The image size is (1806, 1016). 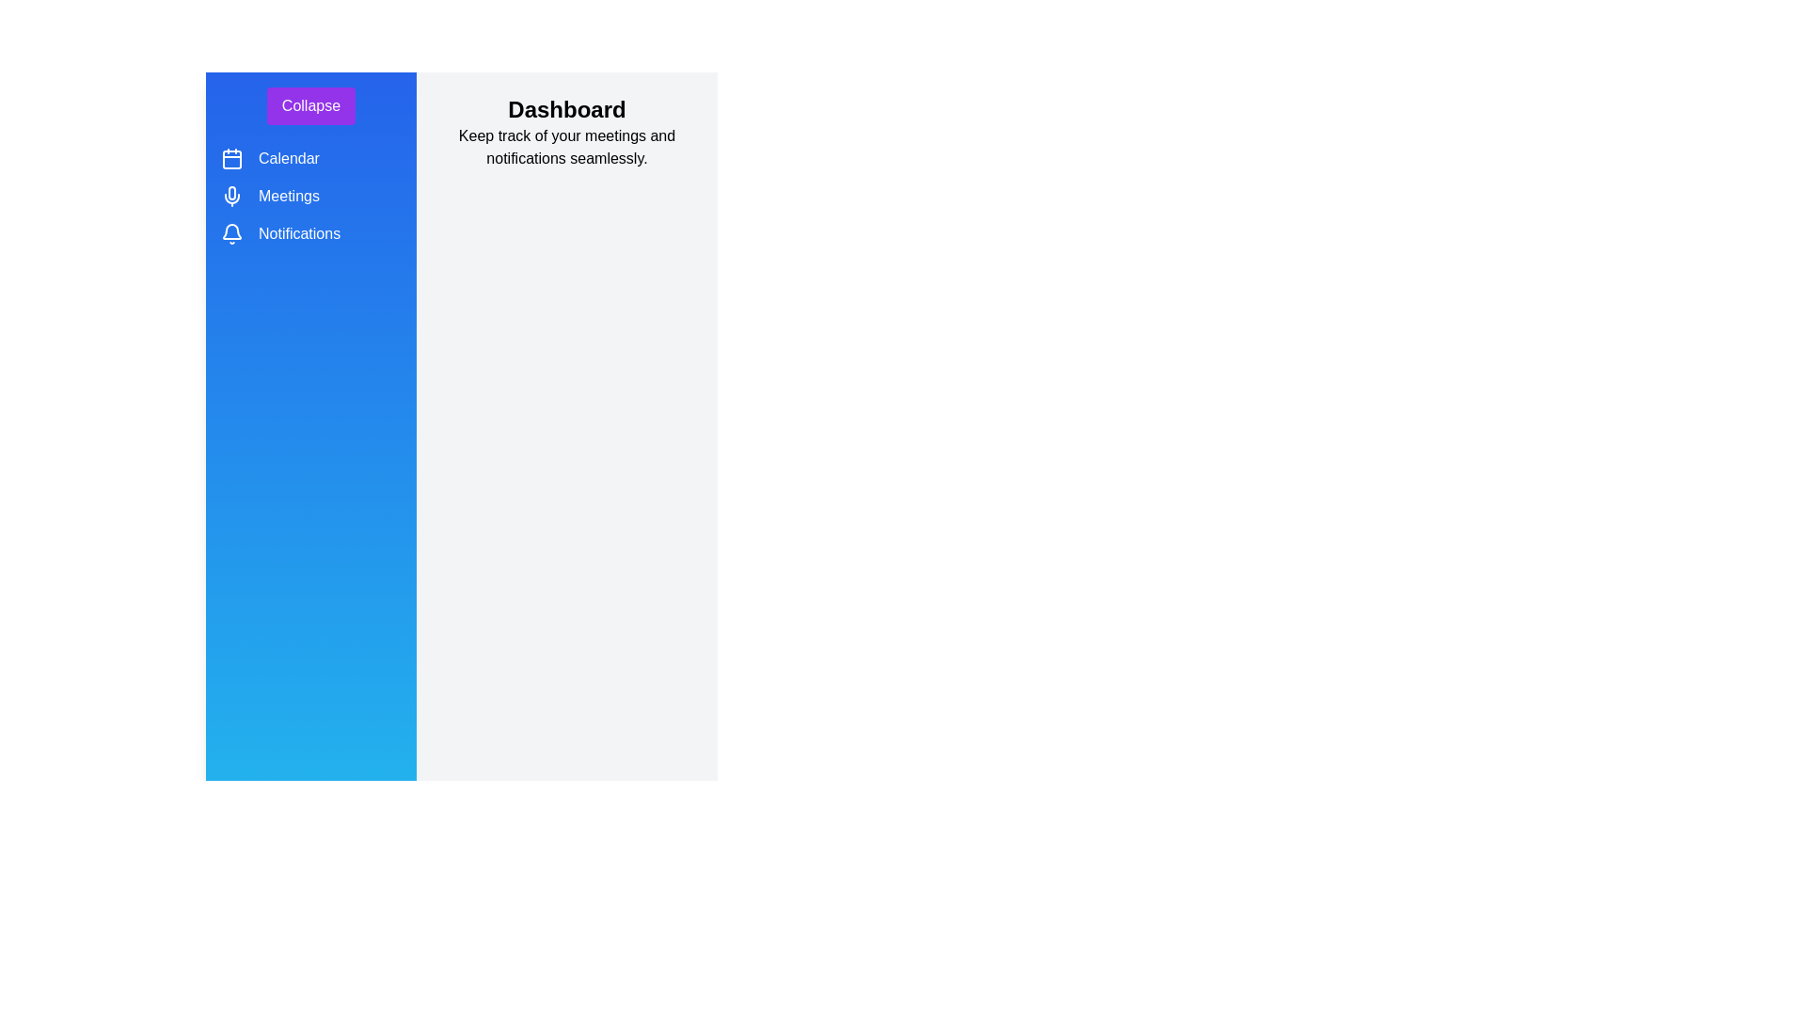 I want to click on the navigation item Calendar, so click(x=230, y=158).